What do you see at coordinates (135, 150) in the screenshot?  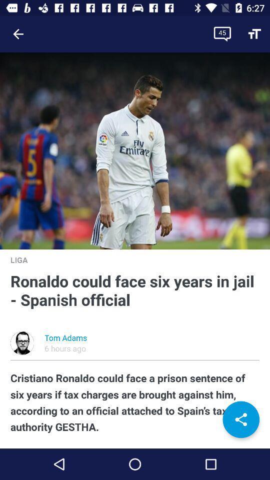 I see `open image` at bounding box center [135, 150].